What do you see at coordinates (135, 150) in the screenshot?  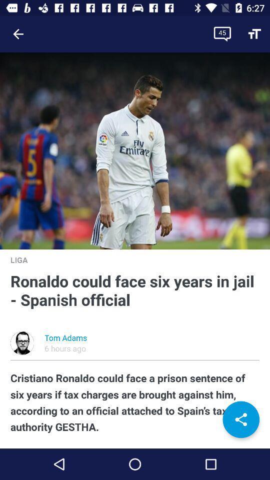 I see `open image` at bounding box center [135, 150].